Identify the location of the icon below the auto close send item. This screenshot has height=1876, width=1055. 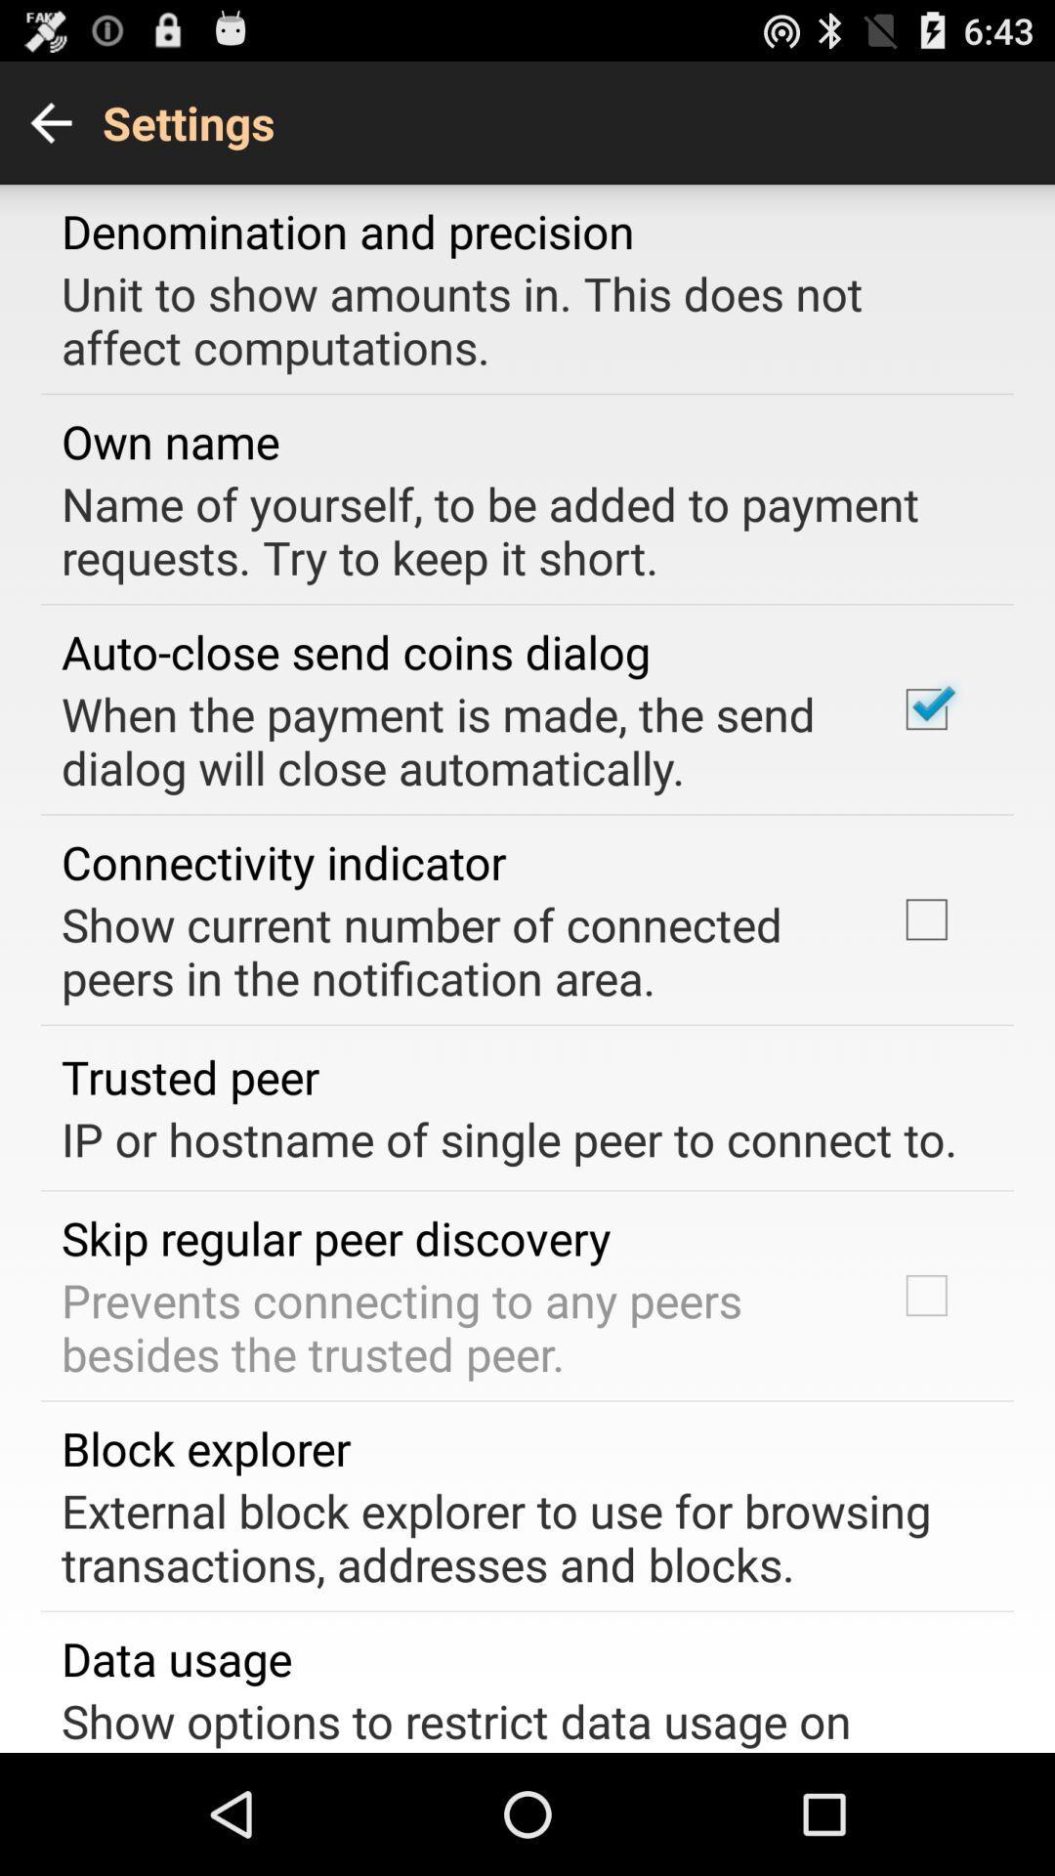
(452, 740).